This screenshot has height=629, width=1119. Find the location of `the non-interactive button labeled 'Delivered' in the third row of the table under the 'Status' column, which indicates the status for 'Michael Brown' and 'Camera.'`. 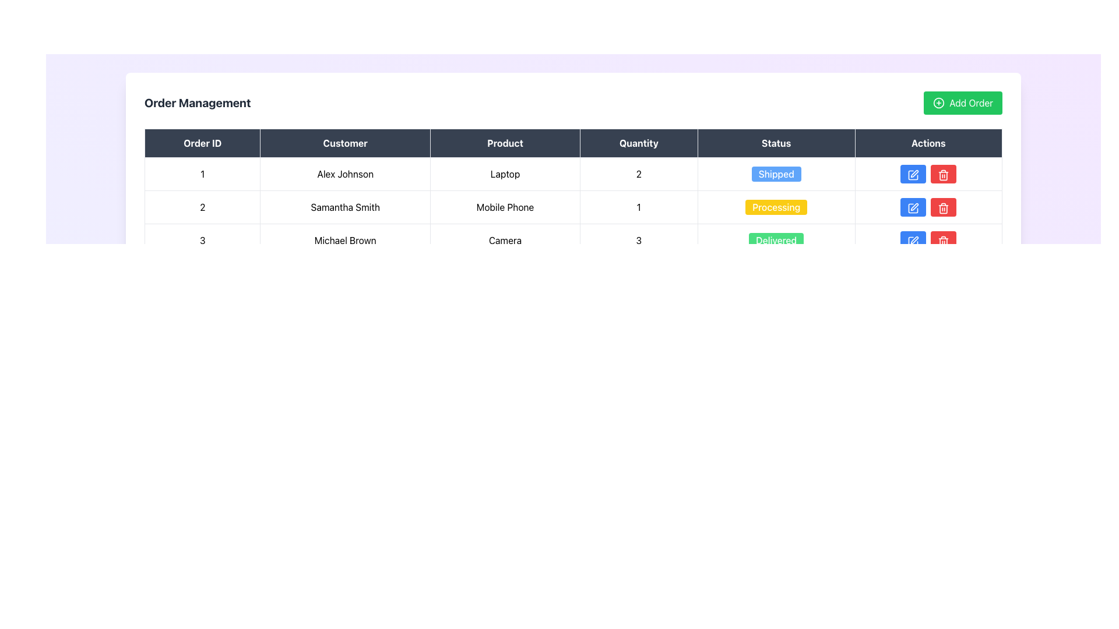

the non-interactive button labeled 'Delivered' in the third row of the table under the 'Status' column, which indicates the status for 'Michael Brown' and 'Camera.' is located at coordinates (776, 239).